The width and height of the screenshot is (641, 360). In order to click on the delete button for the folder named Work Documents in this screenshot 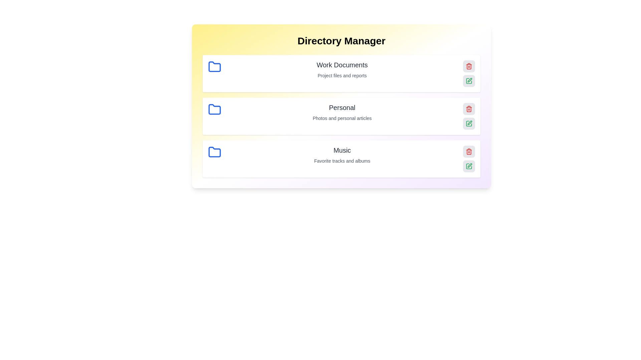, I will do `click(469, 66)`.